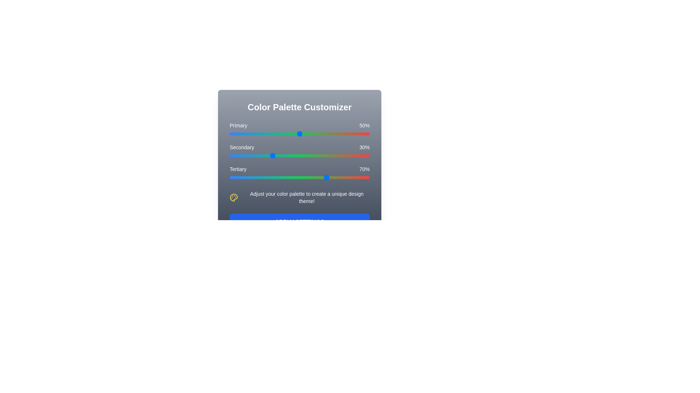 The height and width of the screenshot is (393, 700). What do you see at coordinates (337, 155) in the screenshot?
I see `the slider value` at bounding box center [337, 155].